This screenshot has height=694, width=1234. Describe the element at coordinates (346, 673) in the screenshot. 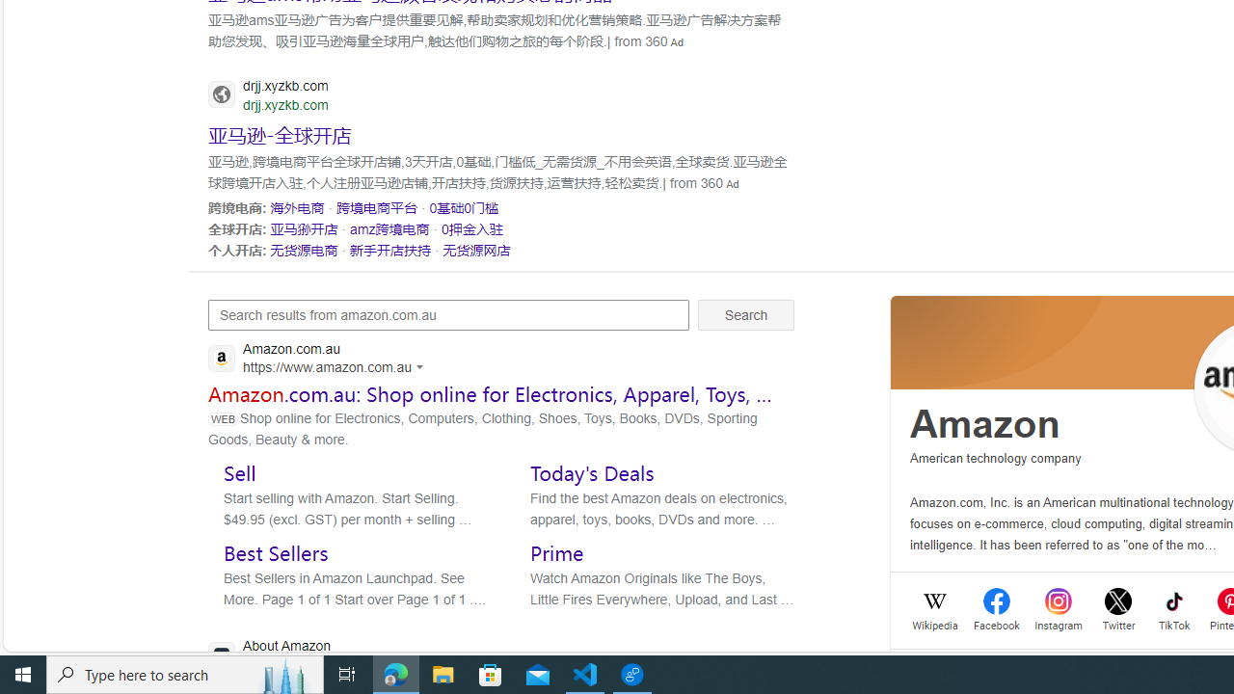

I see `'Task View'` at that location.